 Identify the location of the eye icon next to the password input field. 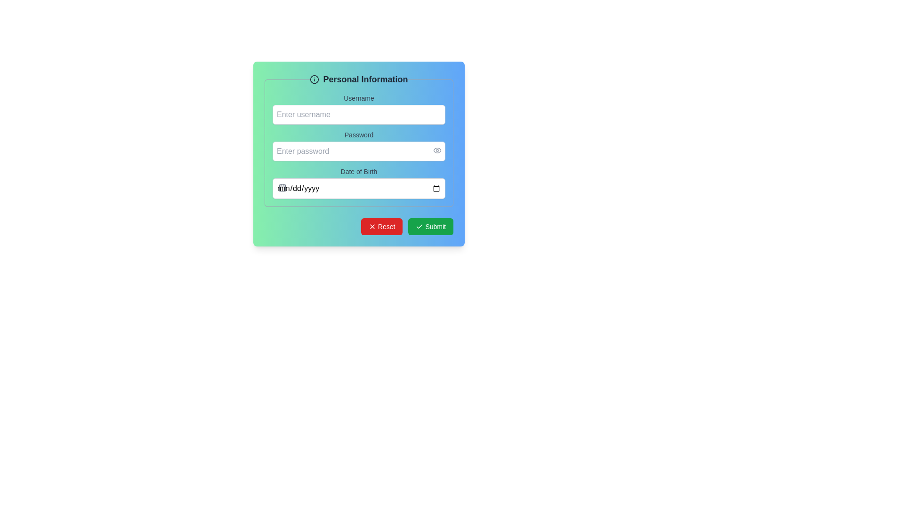
(358, 145).